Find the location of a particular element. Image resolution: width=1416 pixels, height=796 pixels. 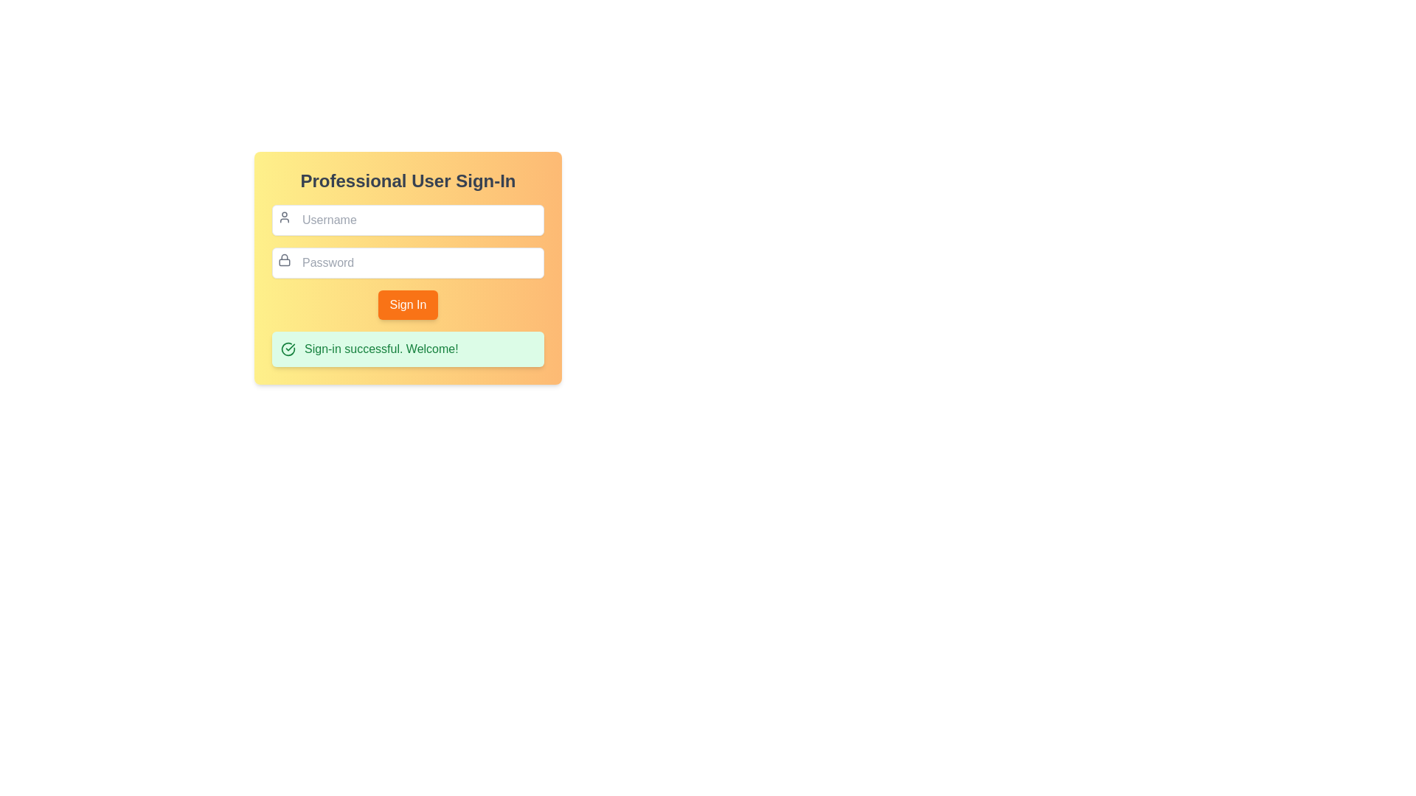

the security icon located above the password input field, to its left, within the sign-in form is located at coordinates (284, 259).